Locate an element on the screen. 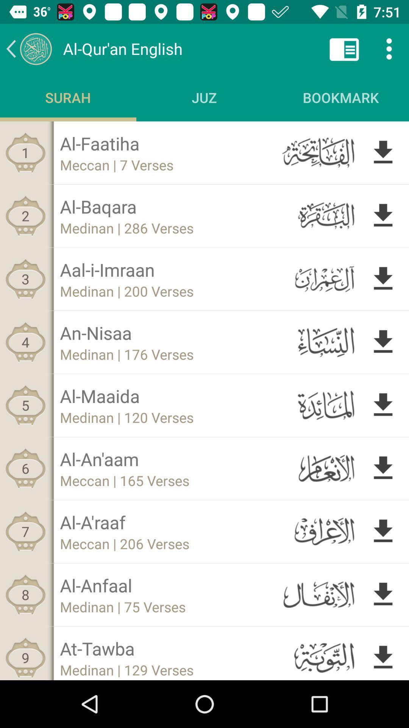 Image resolution: width=409 pixels, height=728 pixels. downloads a qur'an verse is located at coordinates (383, 278).